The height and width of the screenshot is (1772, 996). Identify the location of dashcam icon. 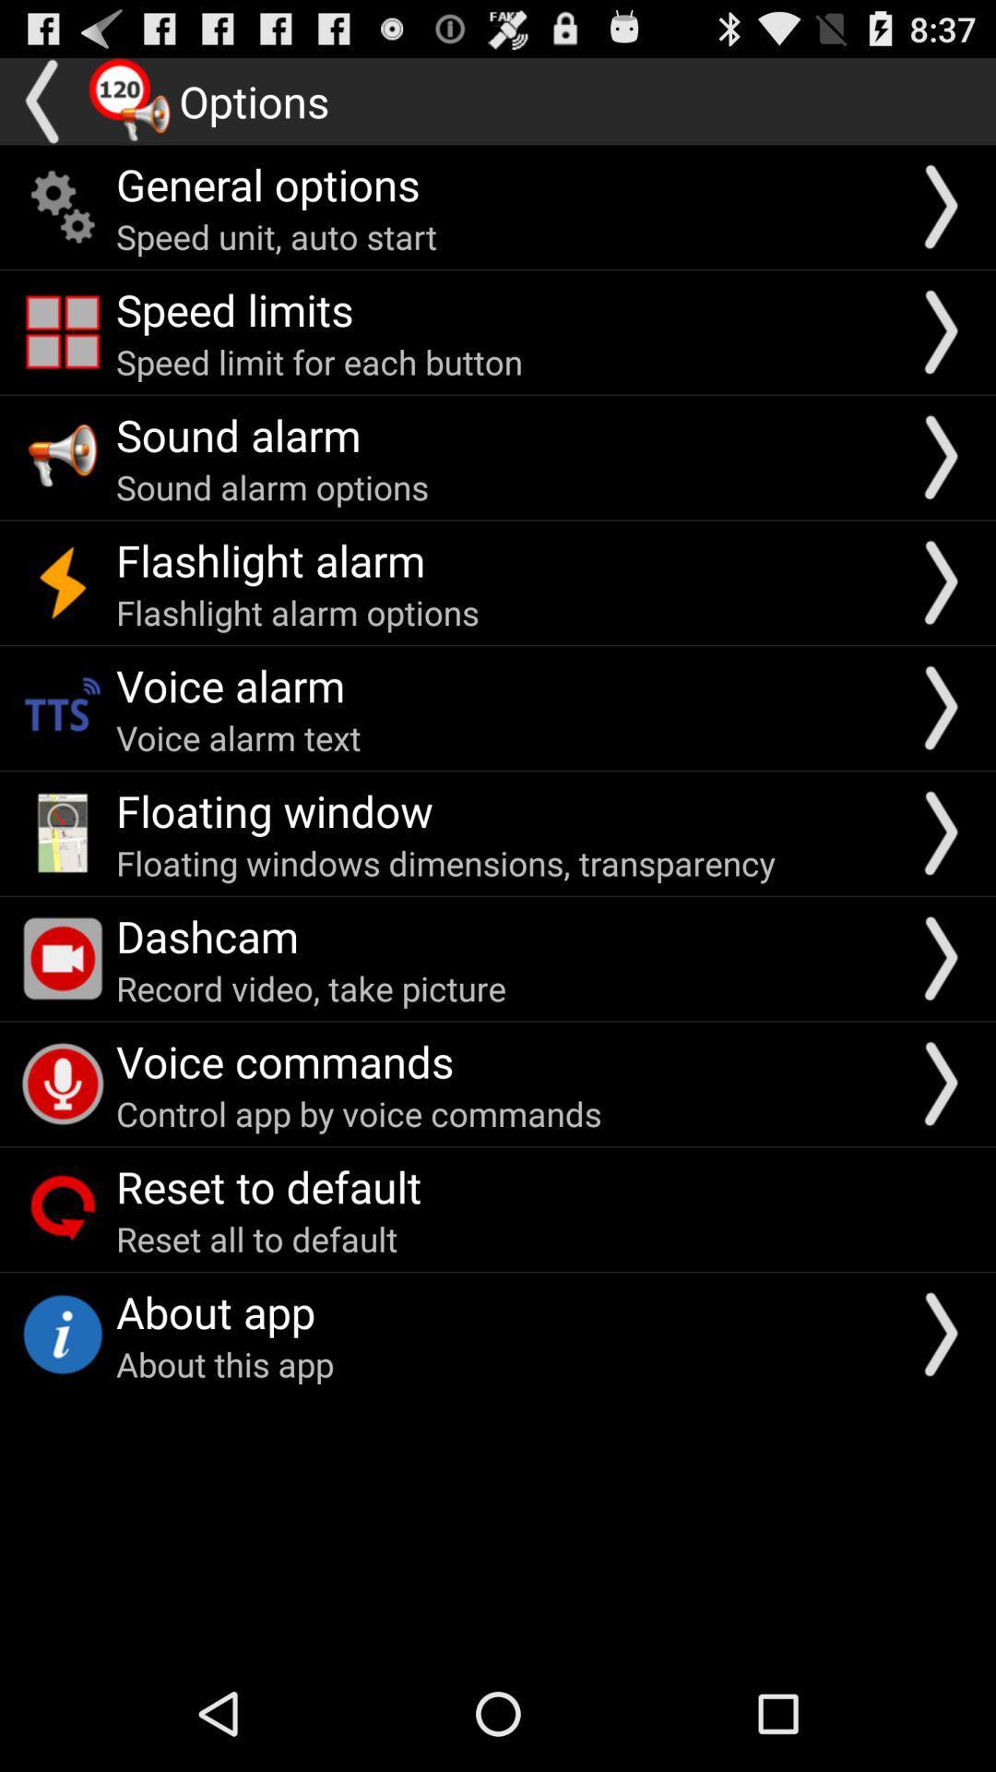
(207, 936).